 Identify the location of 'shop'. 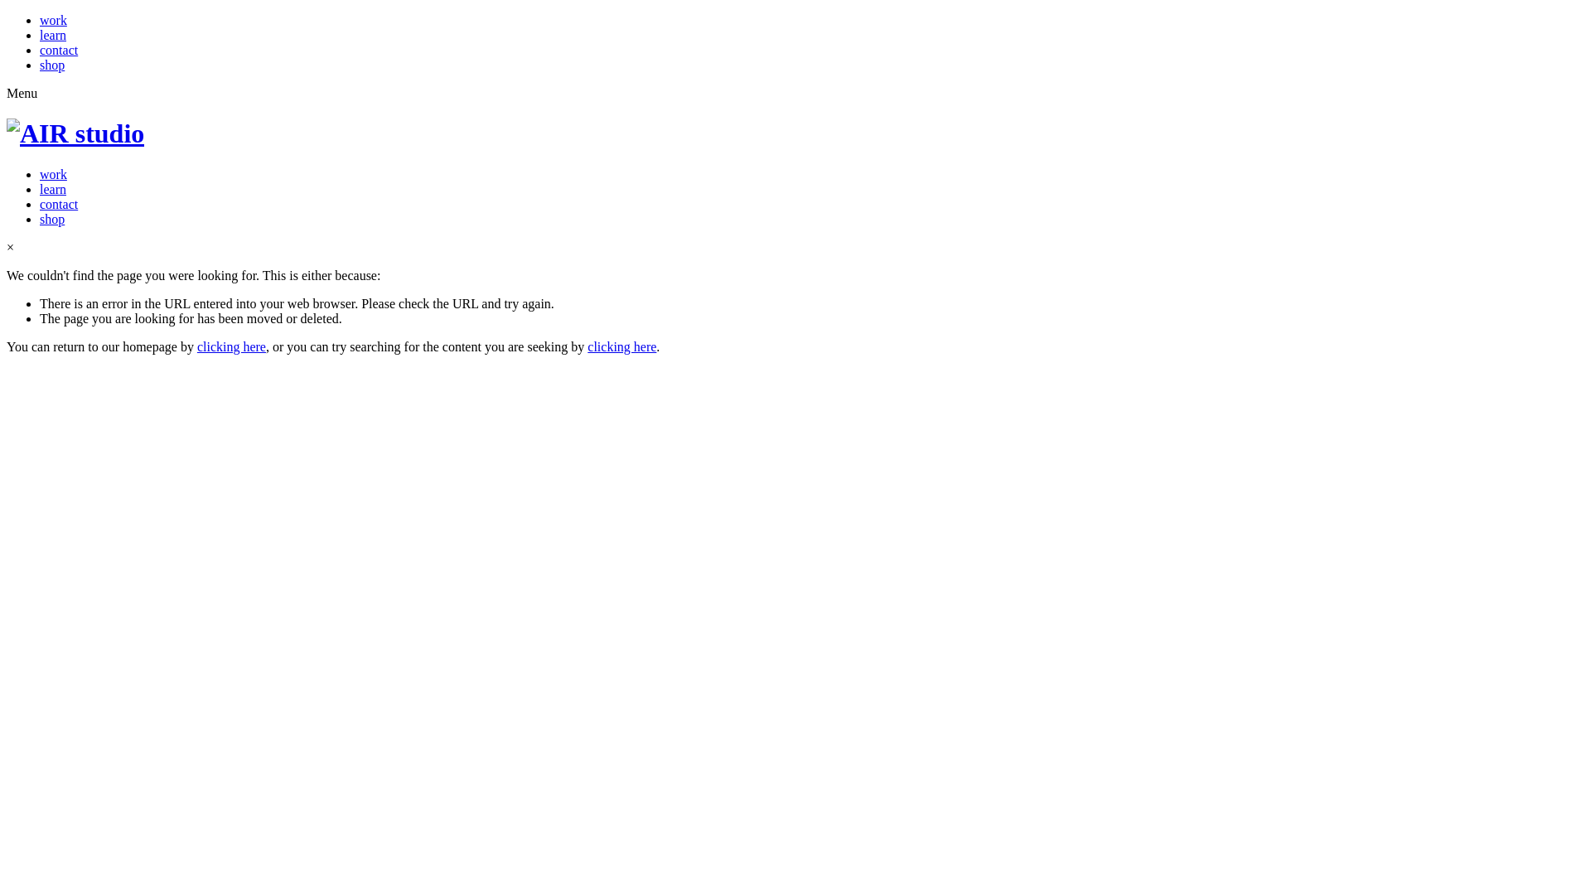
(51, 218).